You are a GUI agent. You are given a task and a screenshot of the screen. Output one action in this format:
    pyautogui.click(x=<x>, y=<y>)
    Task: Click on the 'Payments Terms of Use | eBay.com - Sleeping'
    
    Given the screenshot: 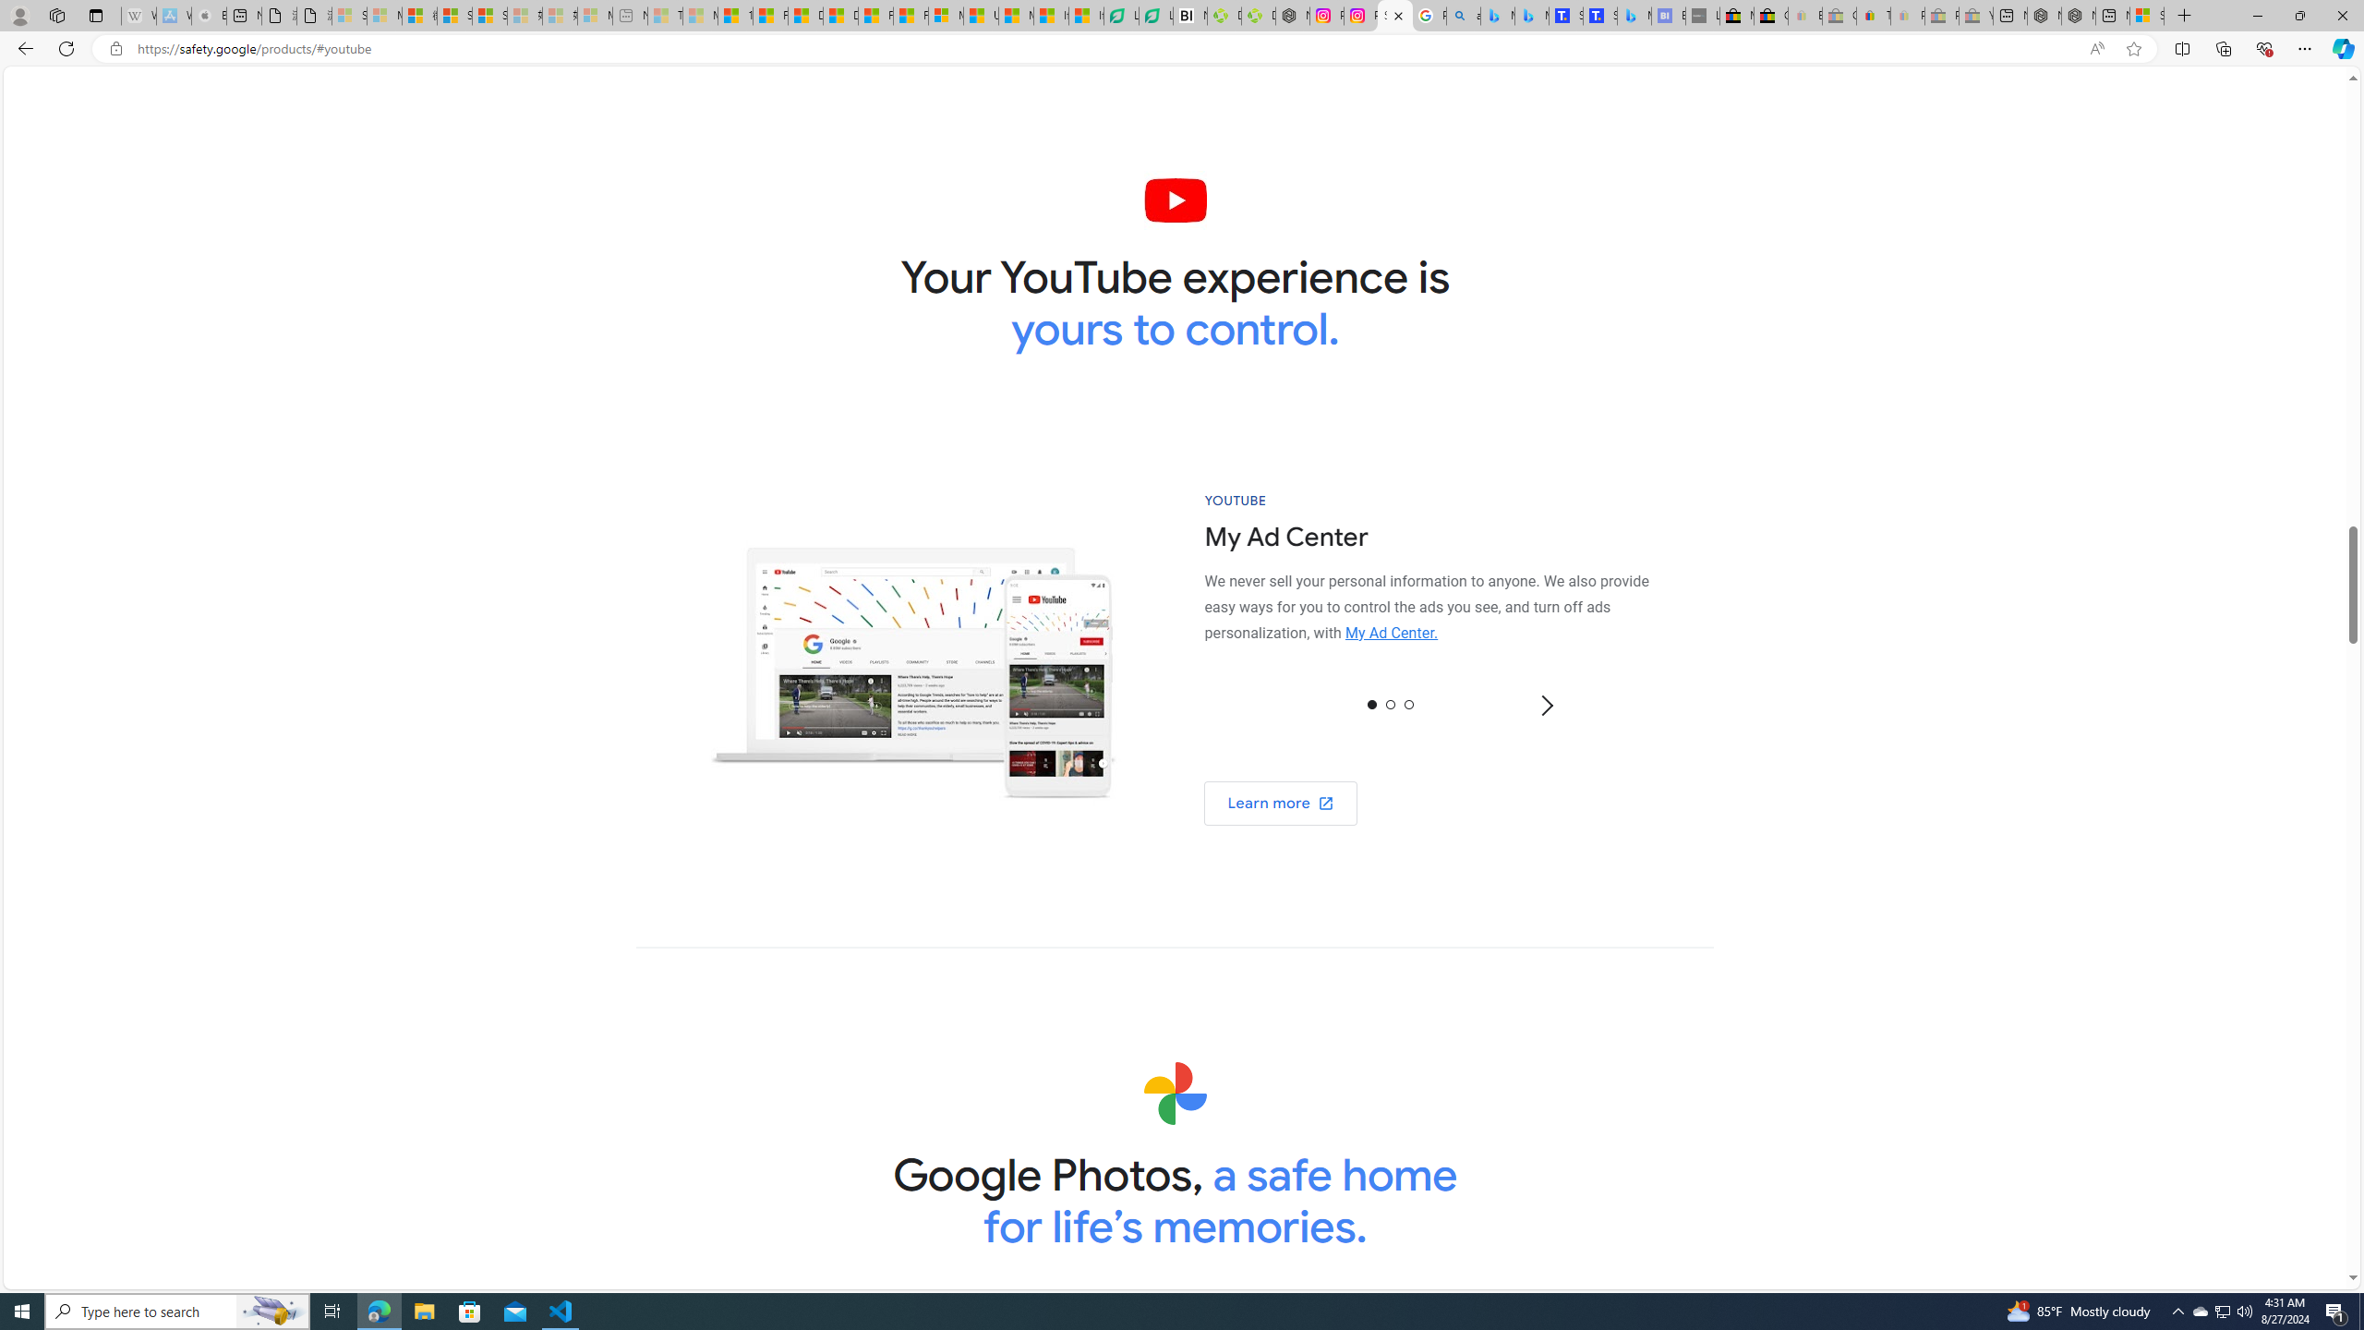 What is the action you would take?
    pyautogui.click(x=1906, y=15)
    